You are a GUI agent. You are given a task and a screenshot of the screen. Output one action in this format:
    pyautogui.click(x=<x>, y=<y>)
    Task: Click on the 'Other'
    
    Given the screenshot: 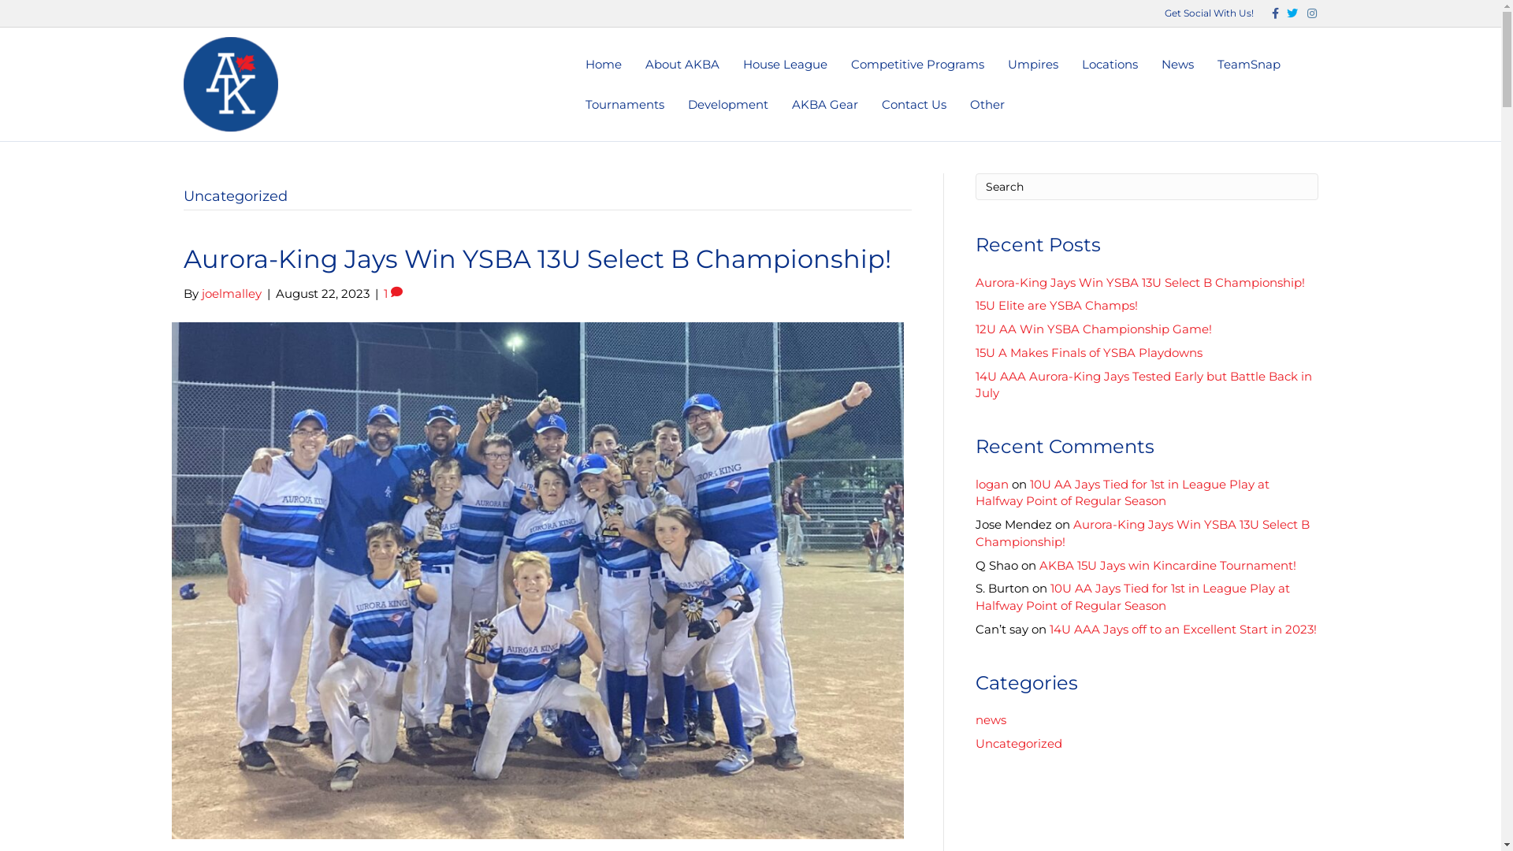 What is the action you would take?
    pyautogui.click(x=986, y=104)
    